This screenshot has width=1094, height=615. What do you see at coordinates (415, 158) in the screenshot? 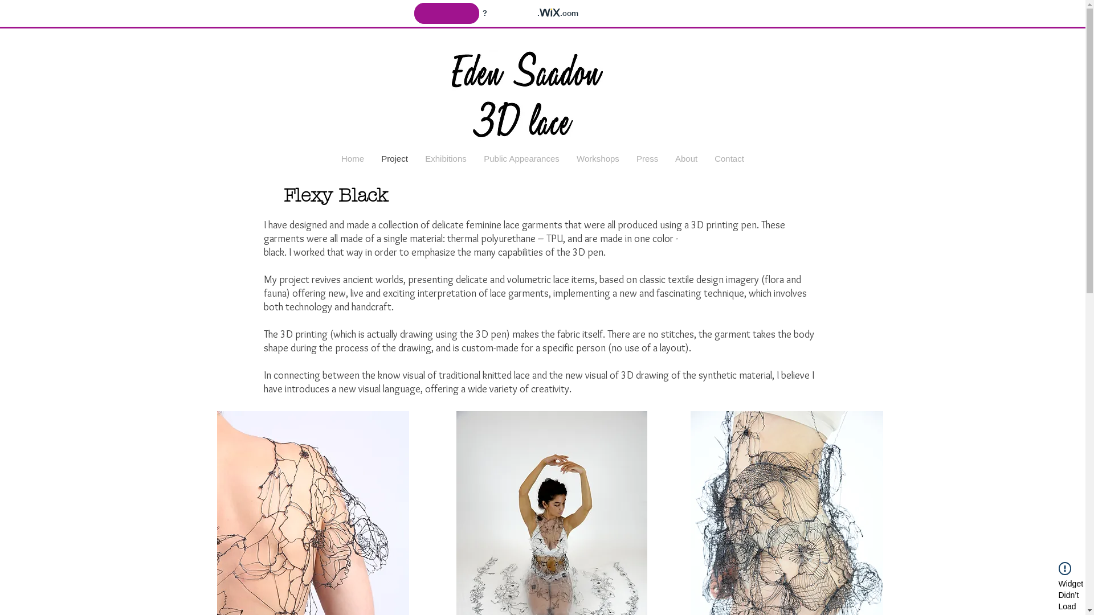
I see `'Exhibitions'` at bounding box center [415, 158].